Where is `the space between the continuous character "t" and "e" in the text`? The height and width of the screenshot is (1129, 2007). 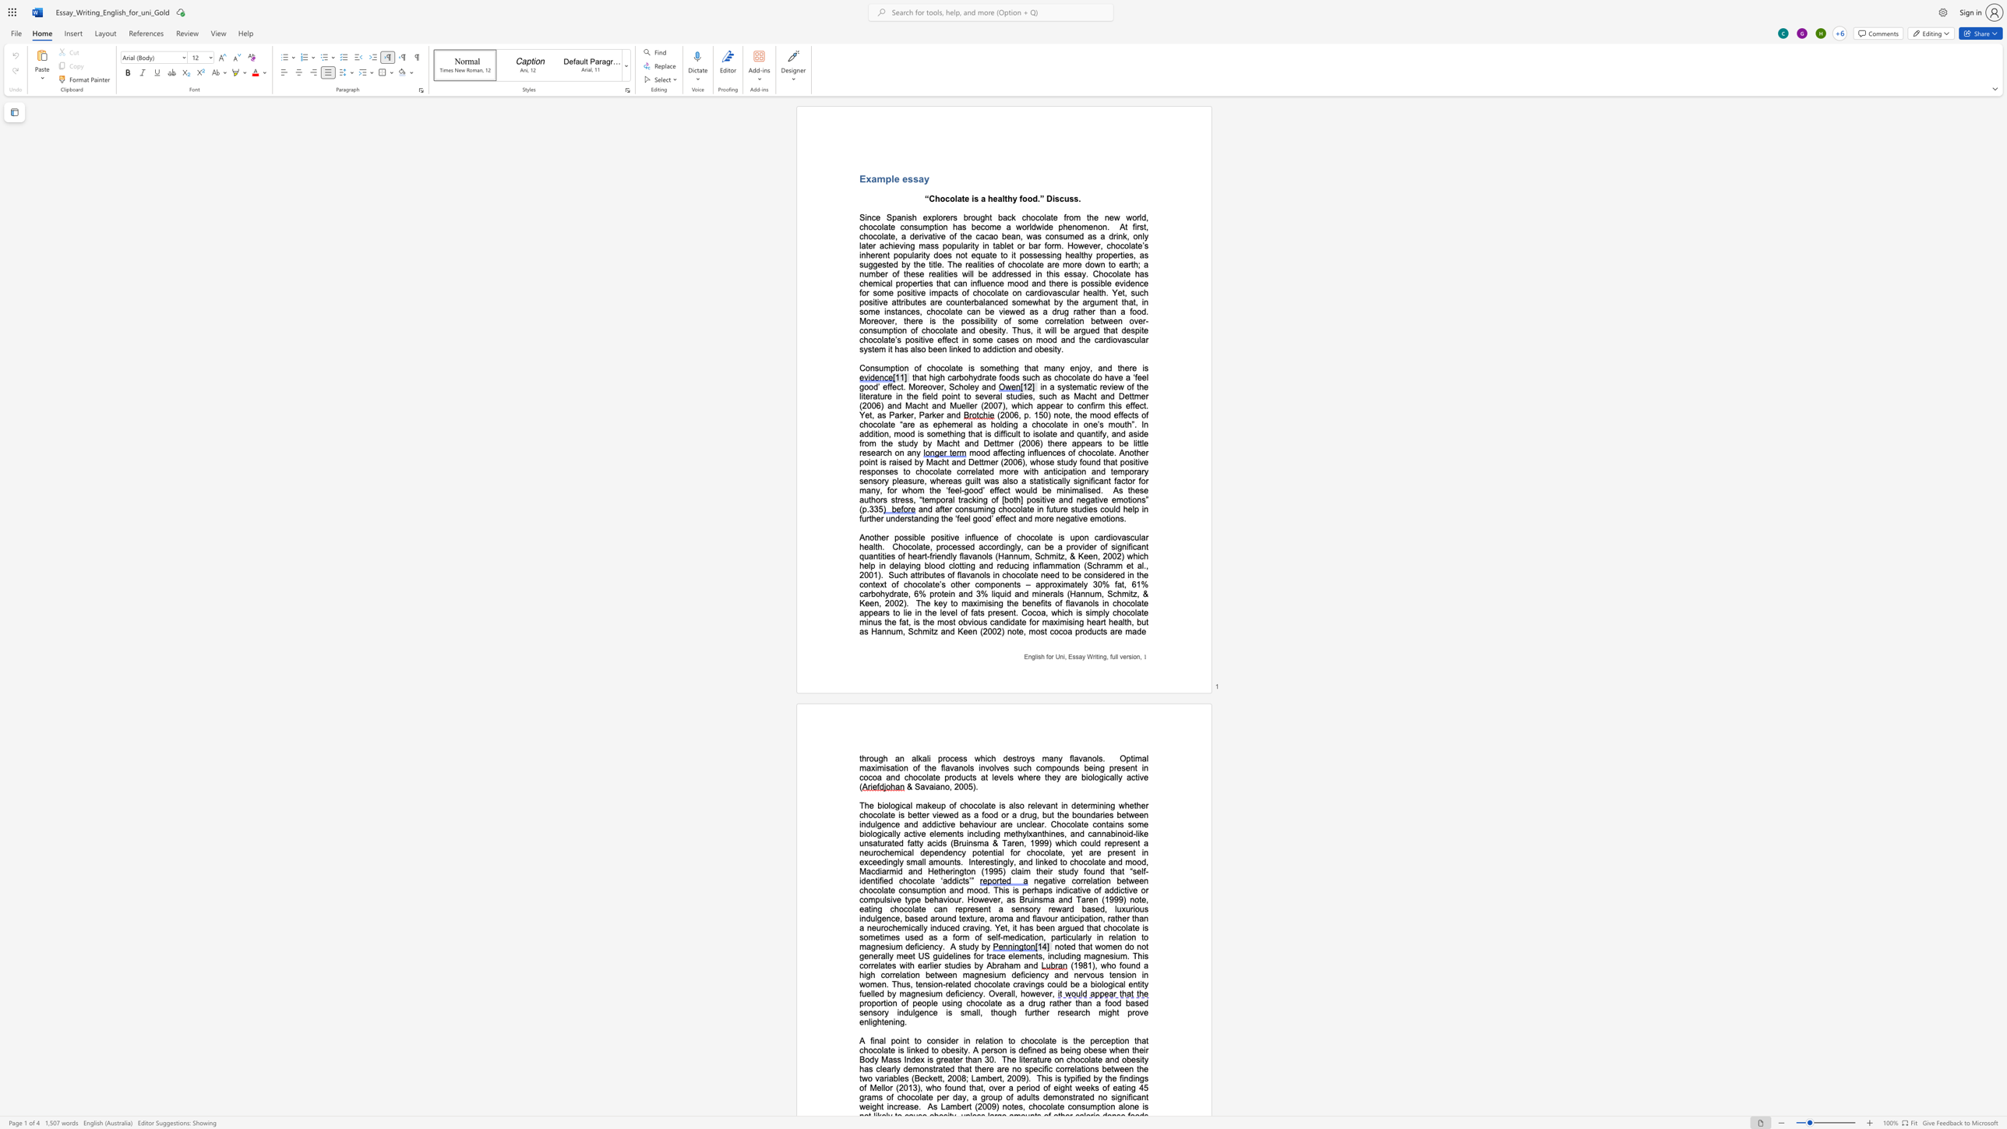
the space between the continuous character "t" and "e" in the text is located at coordinates (1051, 1039).